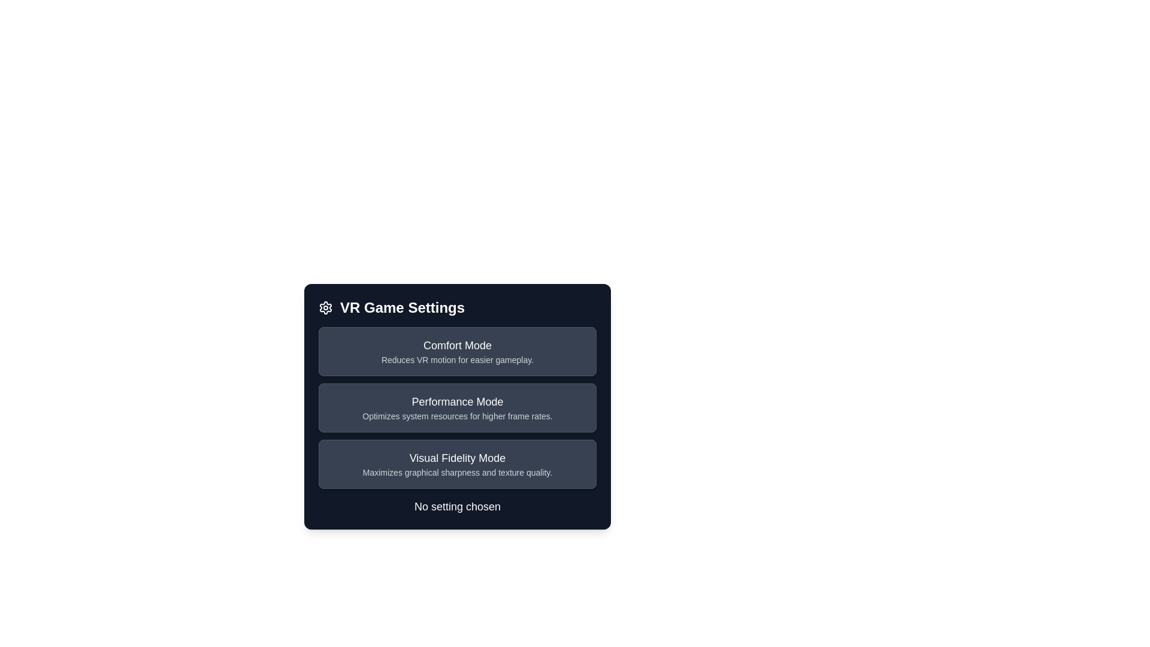 Image resolution: width=1150 pixels, height=647 pixels. What do you see at coordinates (456, 506) in the screenshot?
I see `the static text label displaying 'No setting chosen', located at the bottom of the VR Game Settings interface` at bounding box center [456, 506].